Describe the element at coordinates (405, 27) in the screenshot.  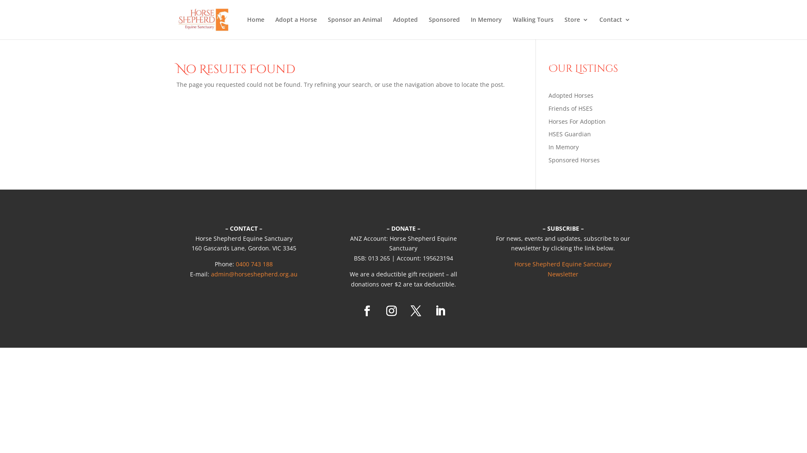
I see `'Adopted'` at that location.